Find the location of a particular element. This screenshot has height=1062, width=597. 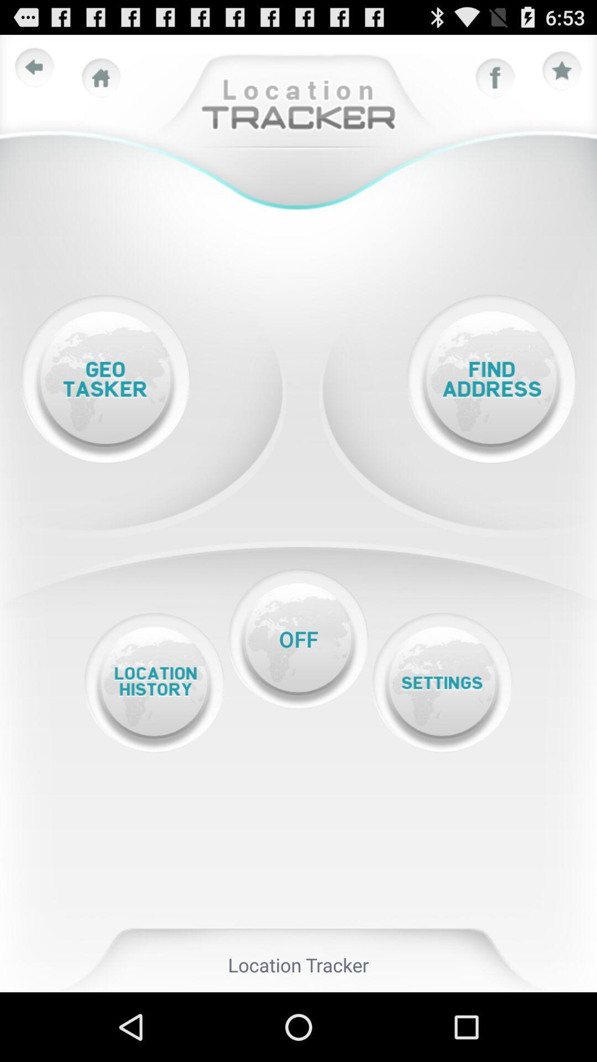

previous is located at coordinates (34, 67).